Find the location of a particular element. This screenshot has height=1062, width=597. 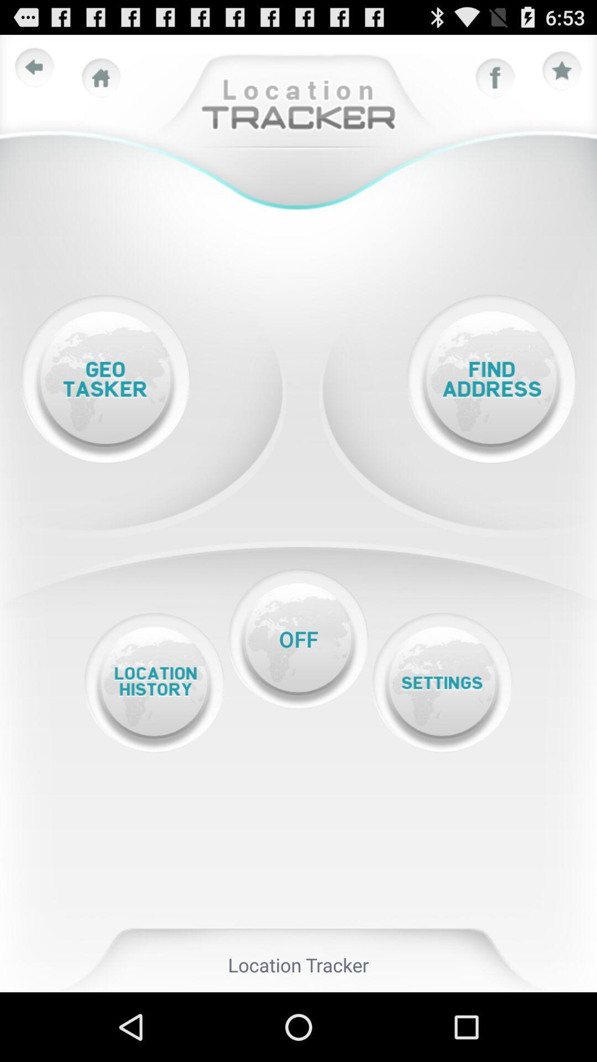

previous is located at coordinates (34, 67).